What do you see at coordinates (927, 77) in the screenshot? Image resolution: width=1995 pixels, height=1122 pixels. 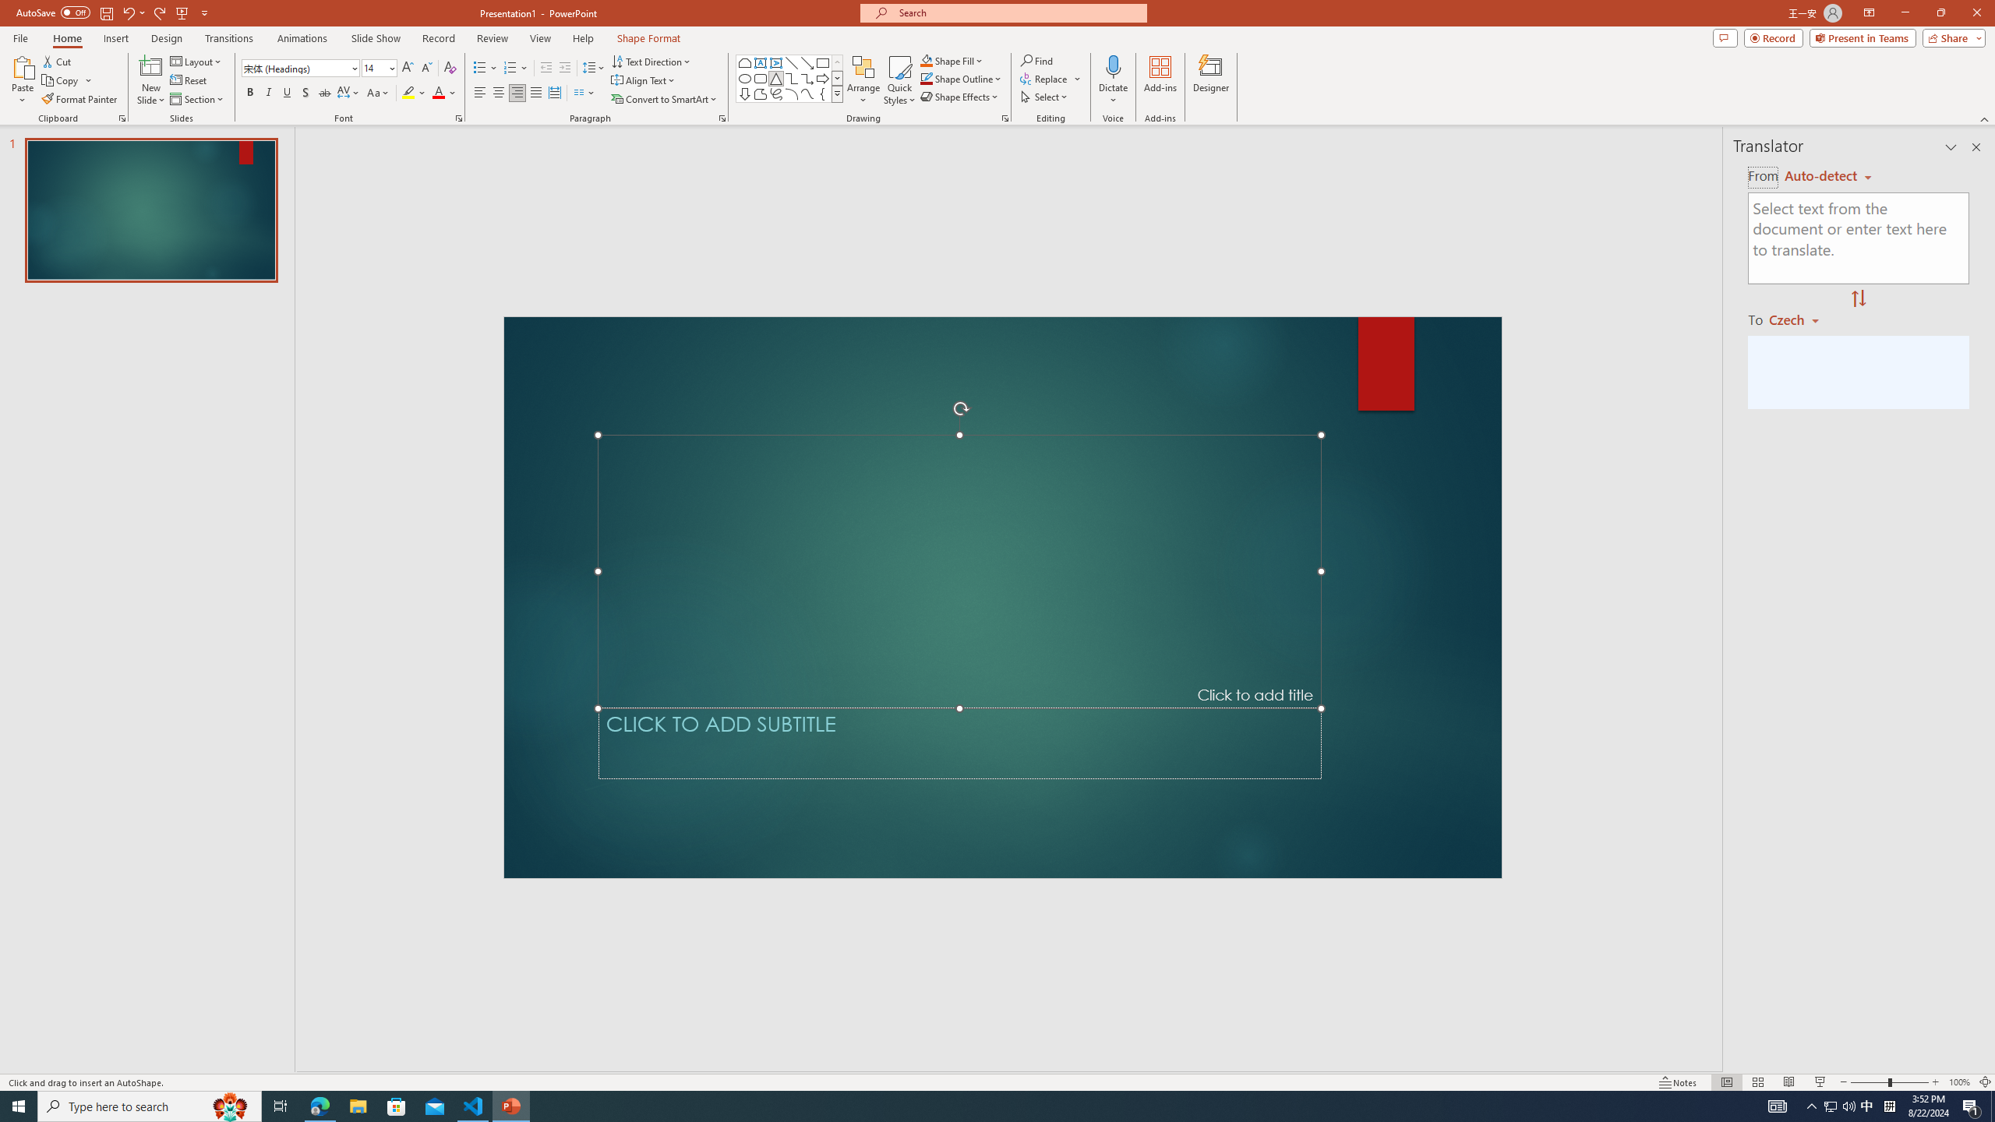 I see `'Shape Outline Blue, Accent 1'` at bounding box center [927, 77].